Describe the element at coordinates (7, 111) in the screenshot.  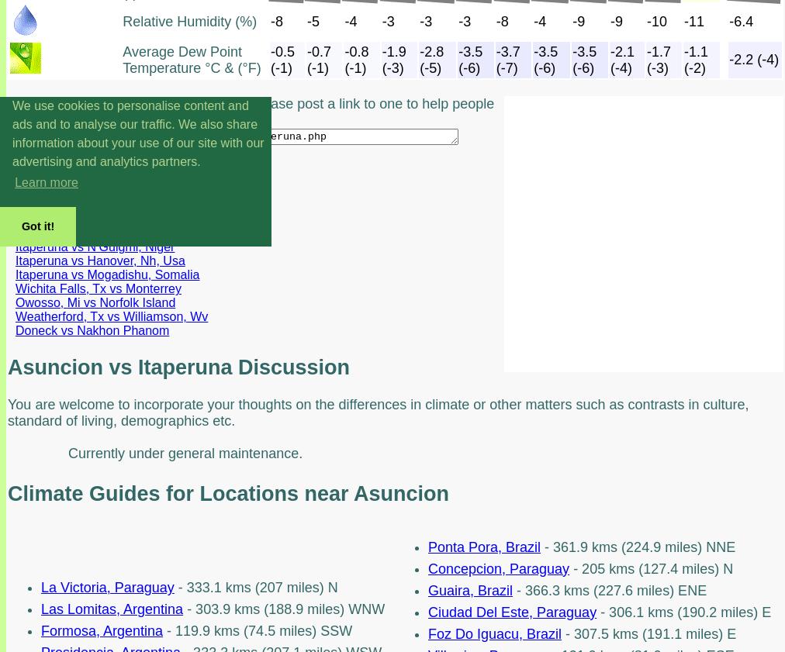
I see `'There are so many comparison pages. Please post a link to one to help people find them:'` at that location.